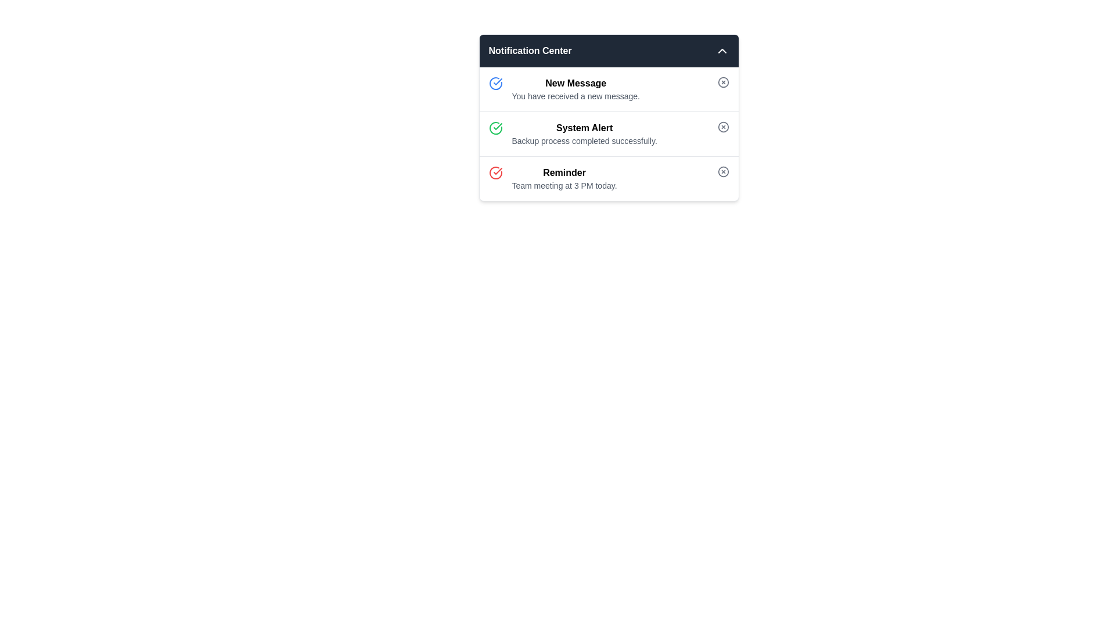 This screenshot has height=627, width=1115. I want to click on the title of the third notification in the 'Notification Center', so click(564, 172).